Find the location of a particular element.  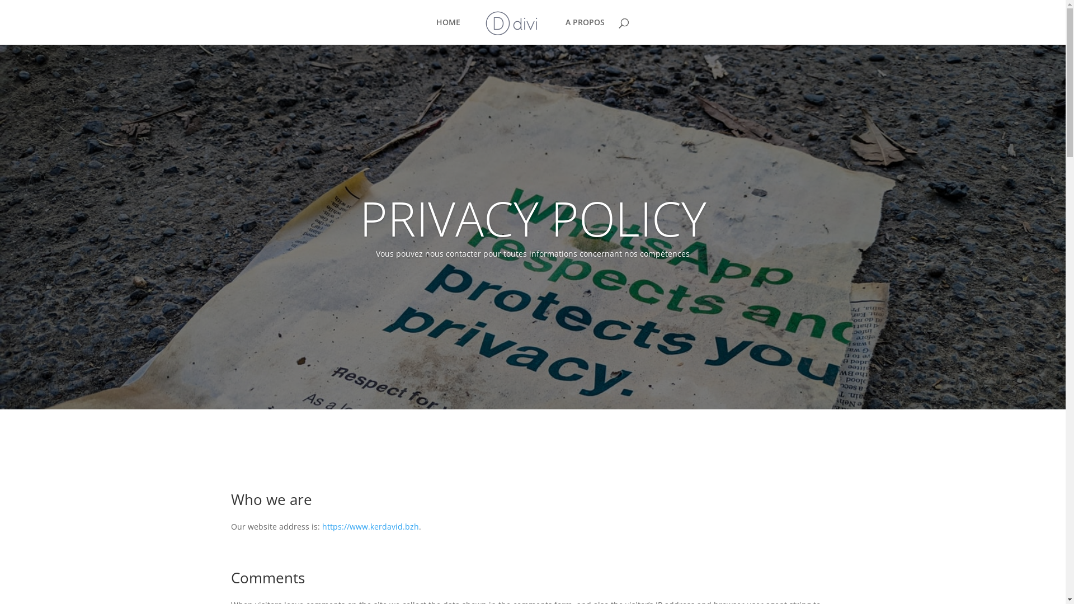

'A PROPOS' is located at coordinates (585, 31).